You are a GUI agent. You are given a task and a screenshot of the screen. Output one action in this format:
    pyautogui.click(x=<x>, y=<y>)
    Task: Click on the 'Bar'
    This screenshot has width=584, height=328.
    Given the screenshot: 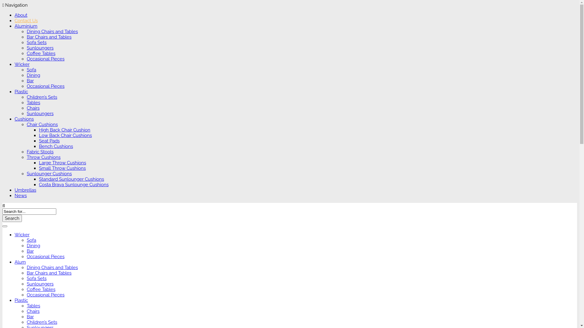 What is the action you would take?
    pyautogui.click(x=30, y=251)
    